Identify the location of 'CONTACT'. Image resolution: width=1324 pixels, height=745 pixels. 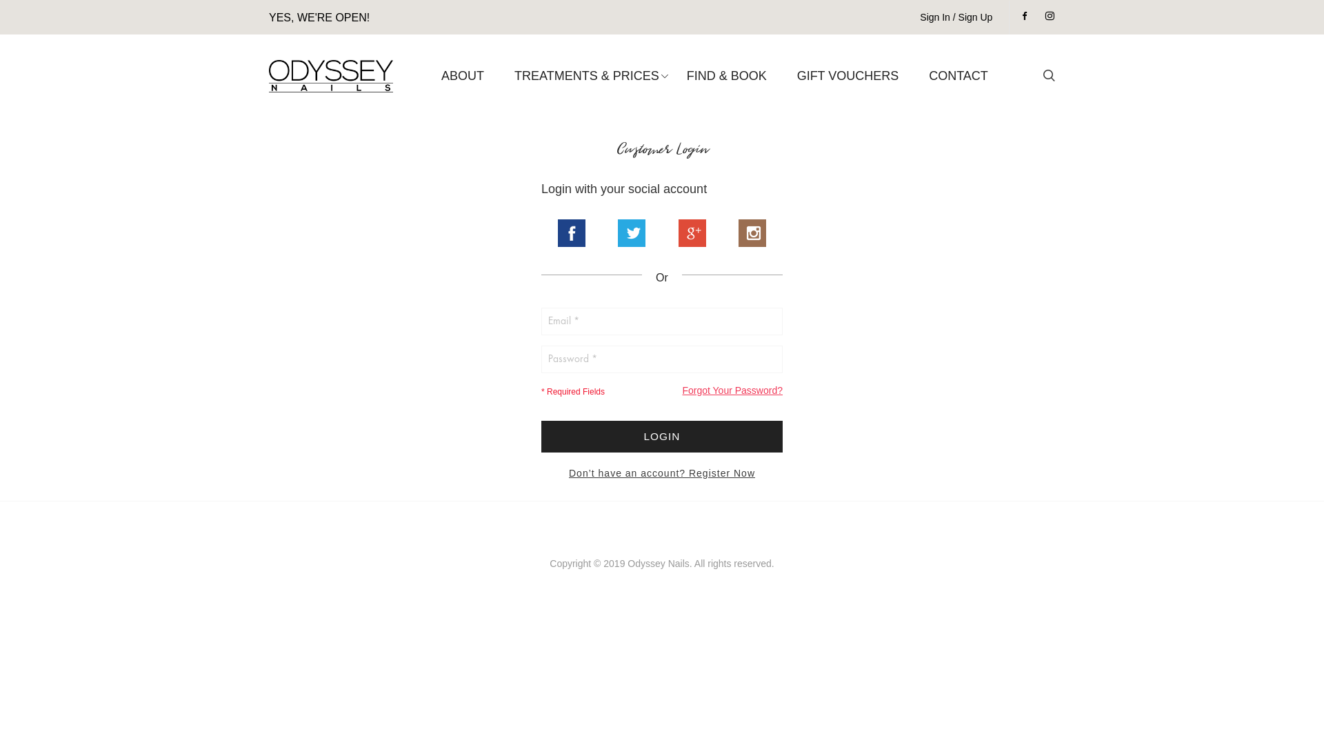
(958, 76).